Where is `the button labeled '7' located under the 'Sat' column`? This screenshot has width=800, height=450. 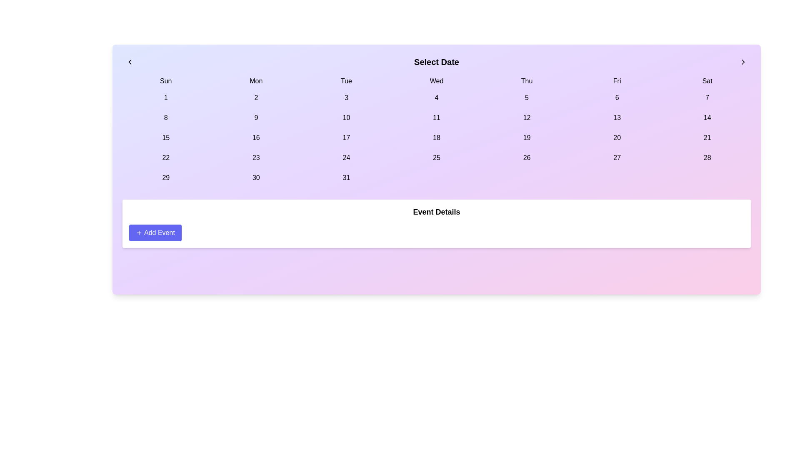 the button labeled '7' located under the 'Sat' column is located at coordinates (707, 97).